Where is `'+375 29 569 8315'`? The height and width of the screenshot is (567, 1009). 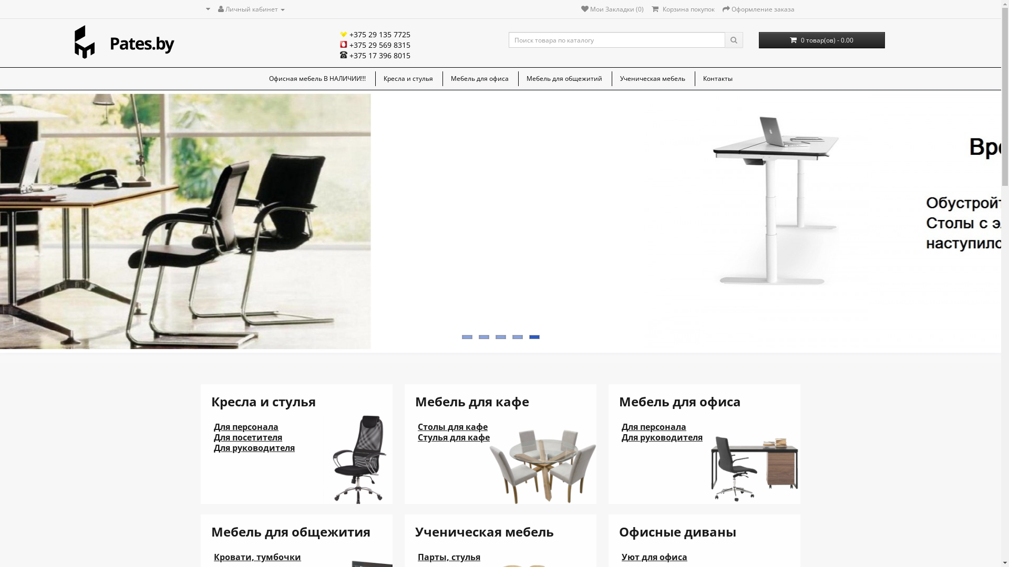
'+375 29 569 8315' is located at coordinates (375, 44).